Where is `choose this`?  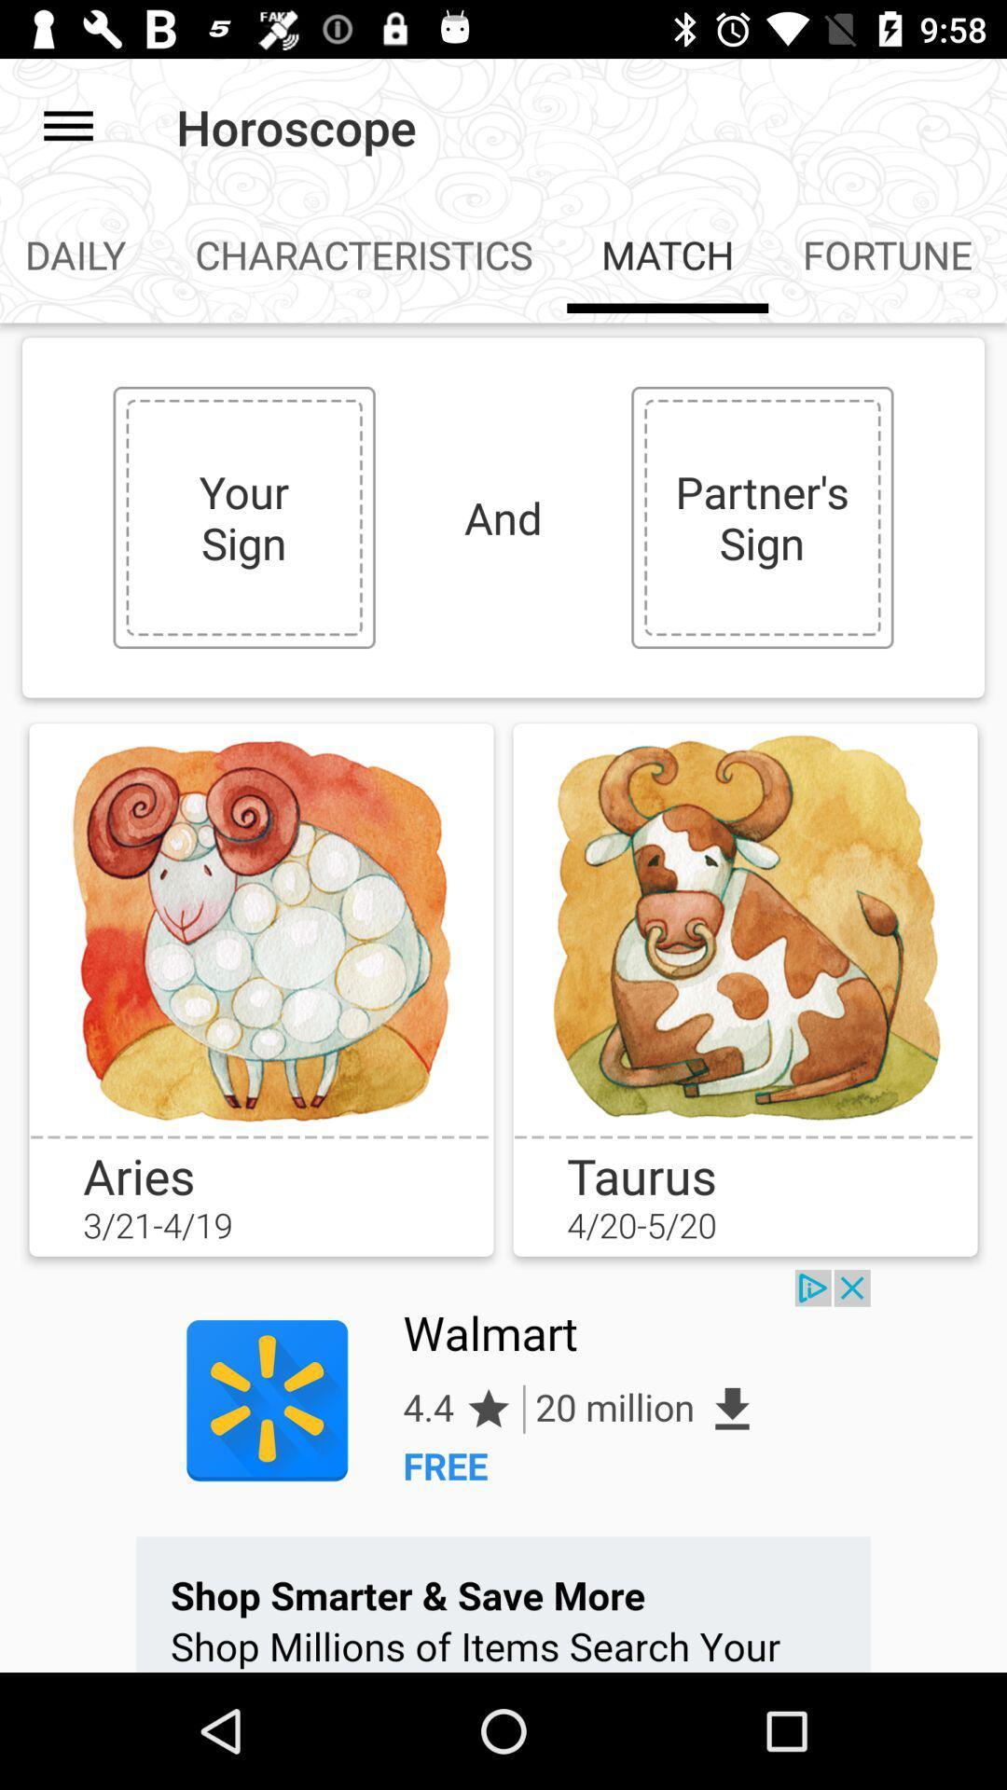 choose this is located at coordinates (744, 929).